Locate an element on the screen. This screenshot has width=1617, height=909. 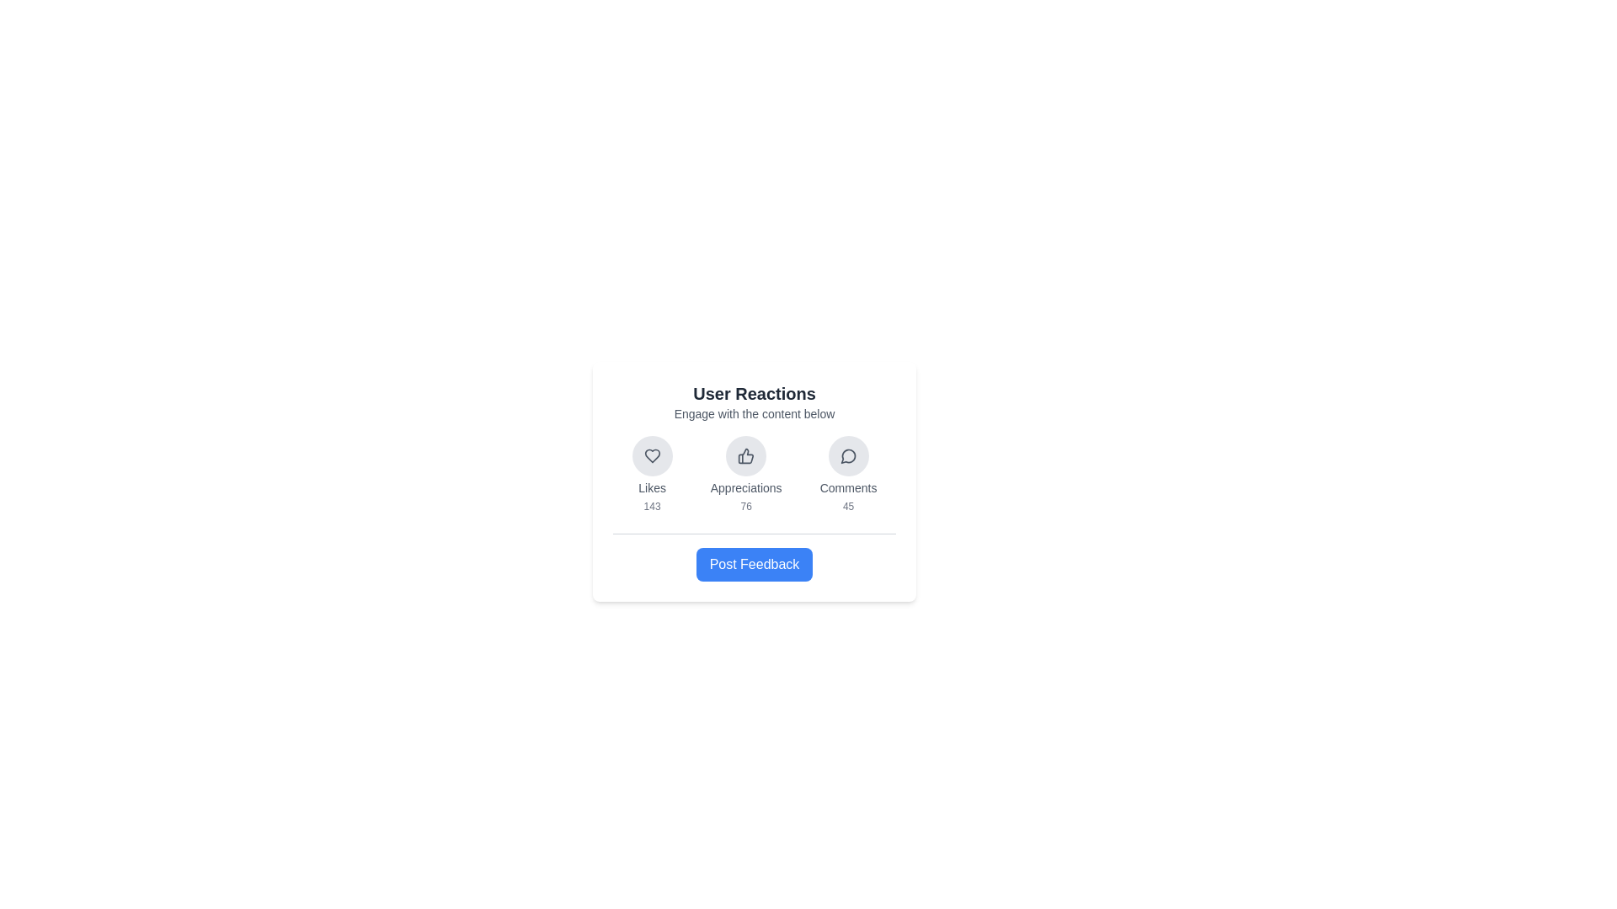
the button with a blue background and white text labeled 'Post Feedback' located at the bottom of the 'User Reactions' card to observe its hover effects is located at coordinates (754, 565).